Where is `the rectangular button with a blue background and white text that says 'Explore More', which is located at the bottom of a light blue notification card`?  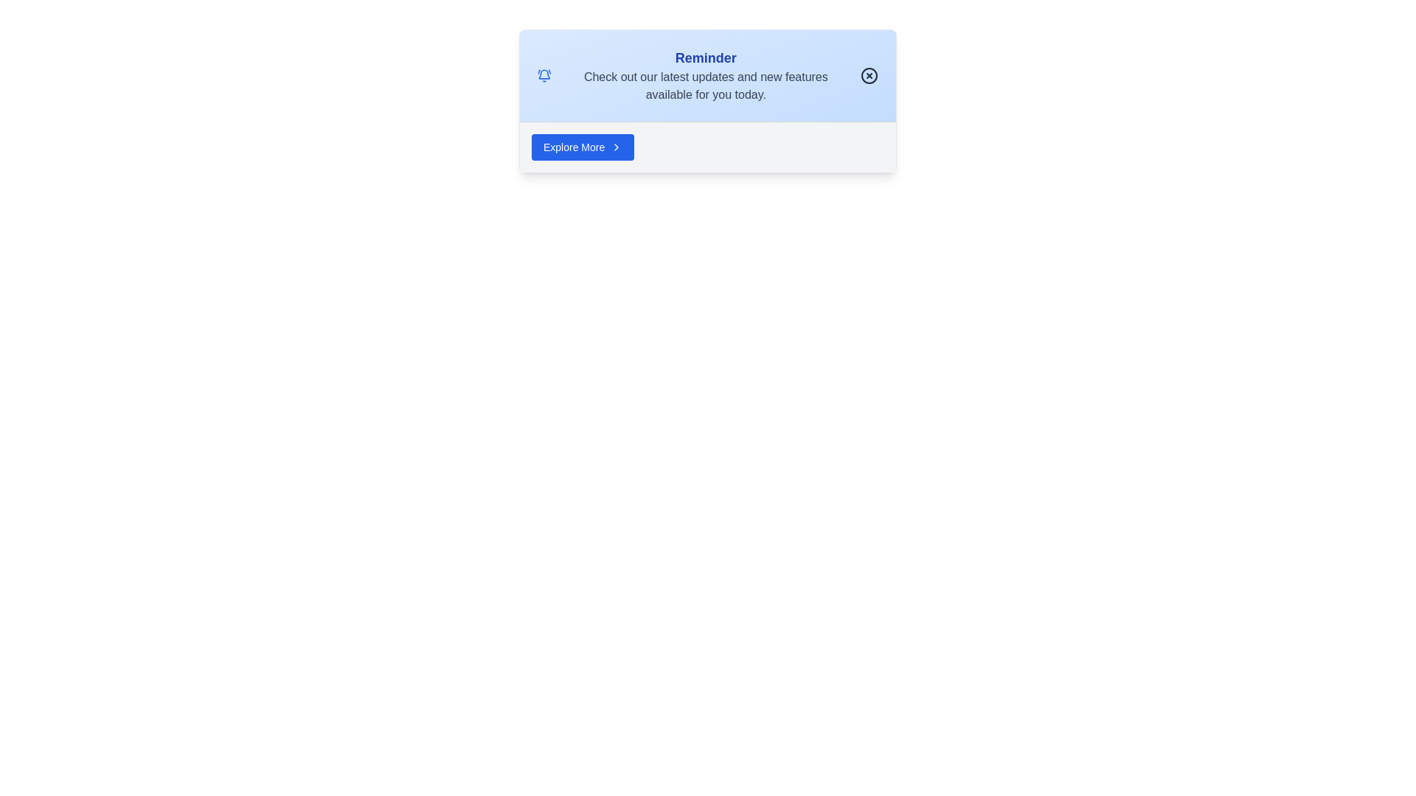
the rectangular button with a blue background and white text that says 'Explore More', which is located at the bottom of a light blue notification card is located at coordinates (582, 147).